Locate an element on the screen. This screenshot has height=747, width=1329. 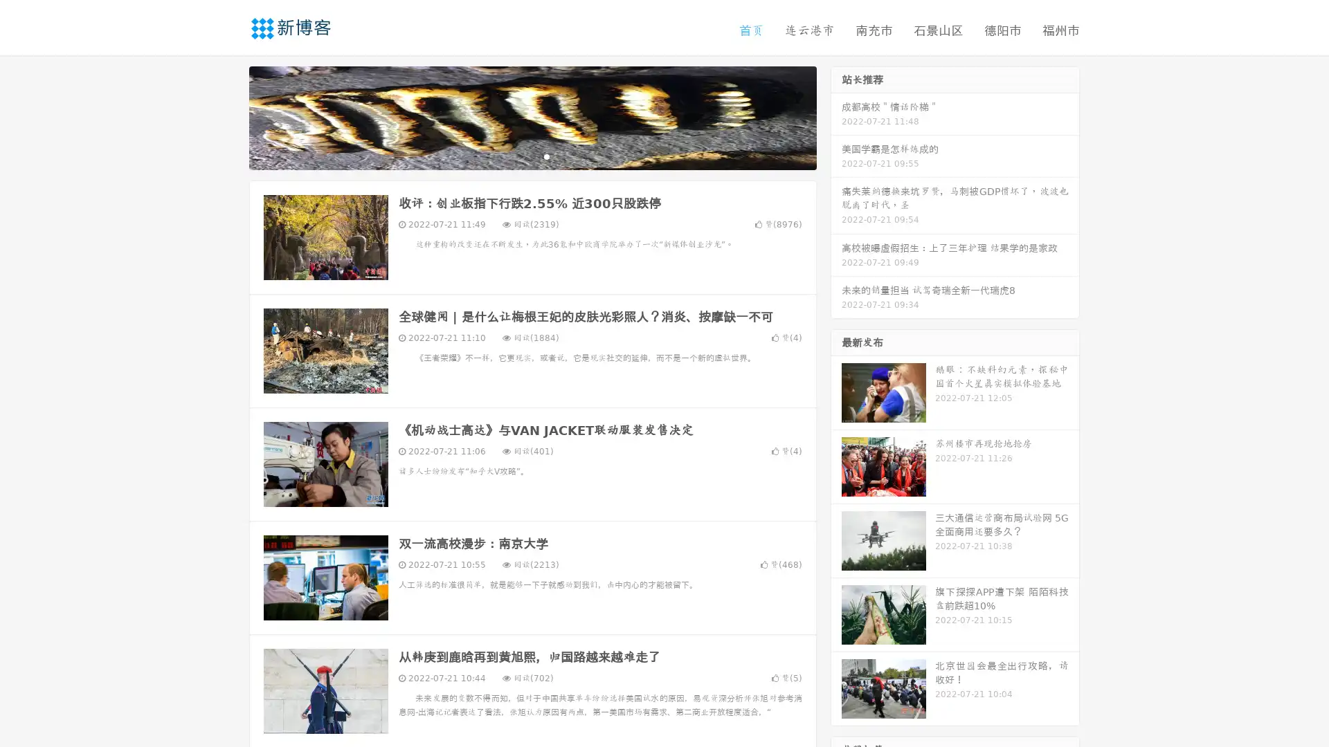
Next slide is located at coordinates (836, 116).